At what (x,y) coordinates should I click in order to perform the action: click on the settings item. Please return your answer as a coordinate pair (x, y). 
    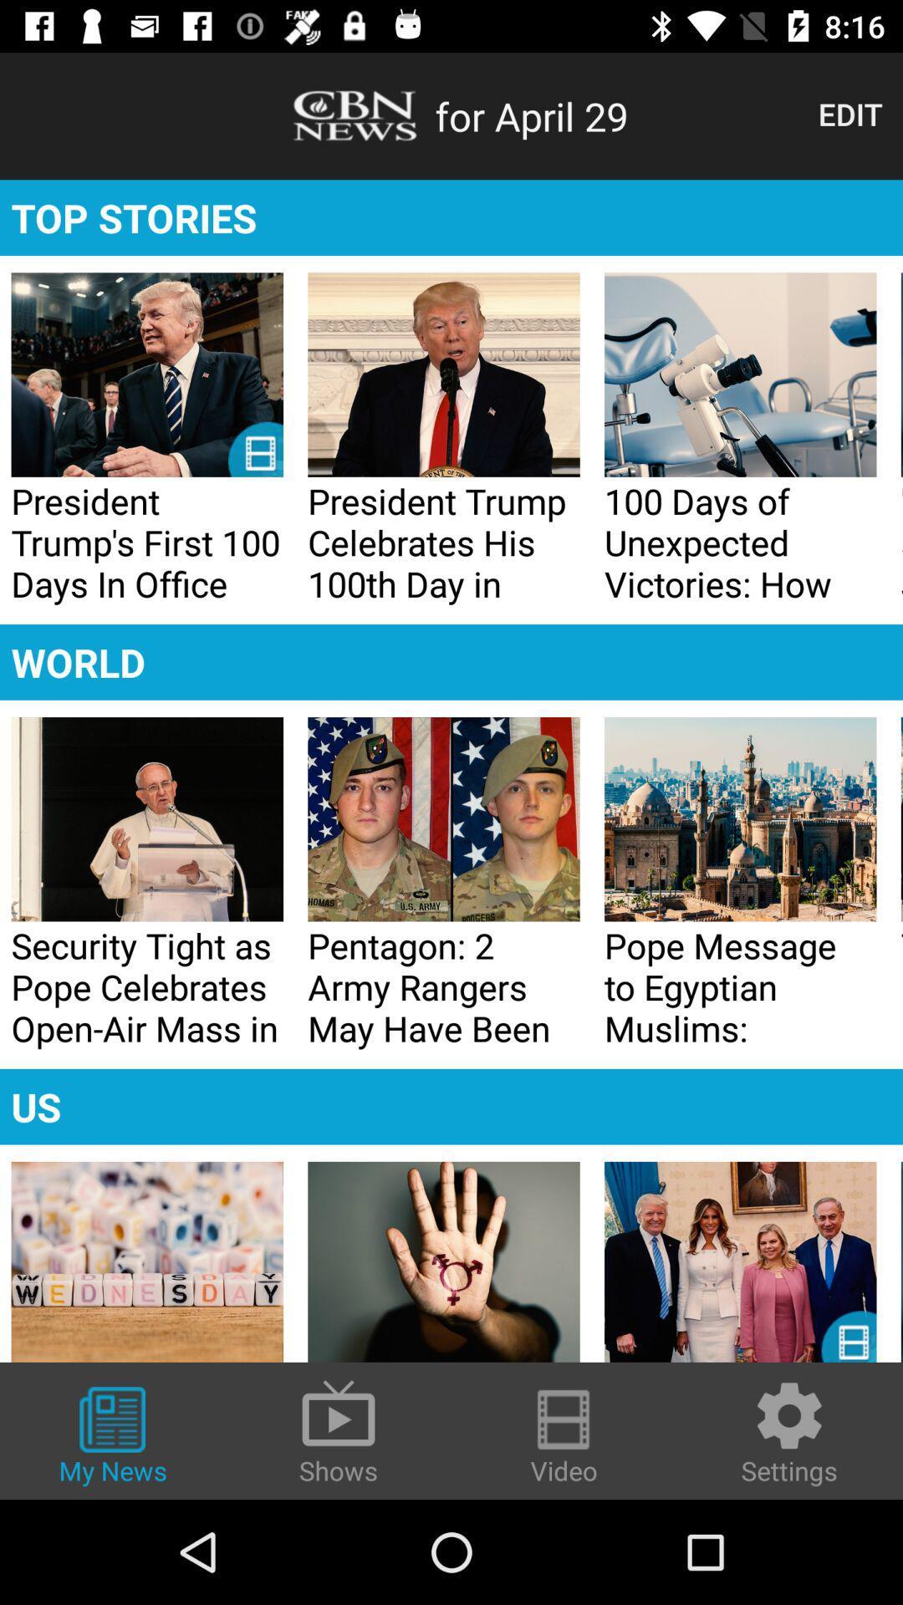
    Looking at the image, I should click on (789, 1431).